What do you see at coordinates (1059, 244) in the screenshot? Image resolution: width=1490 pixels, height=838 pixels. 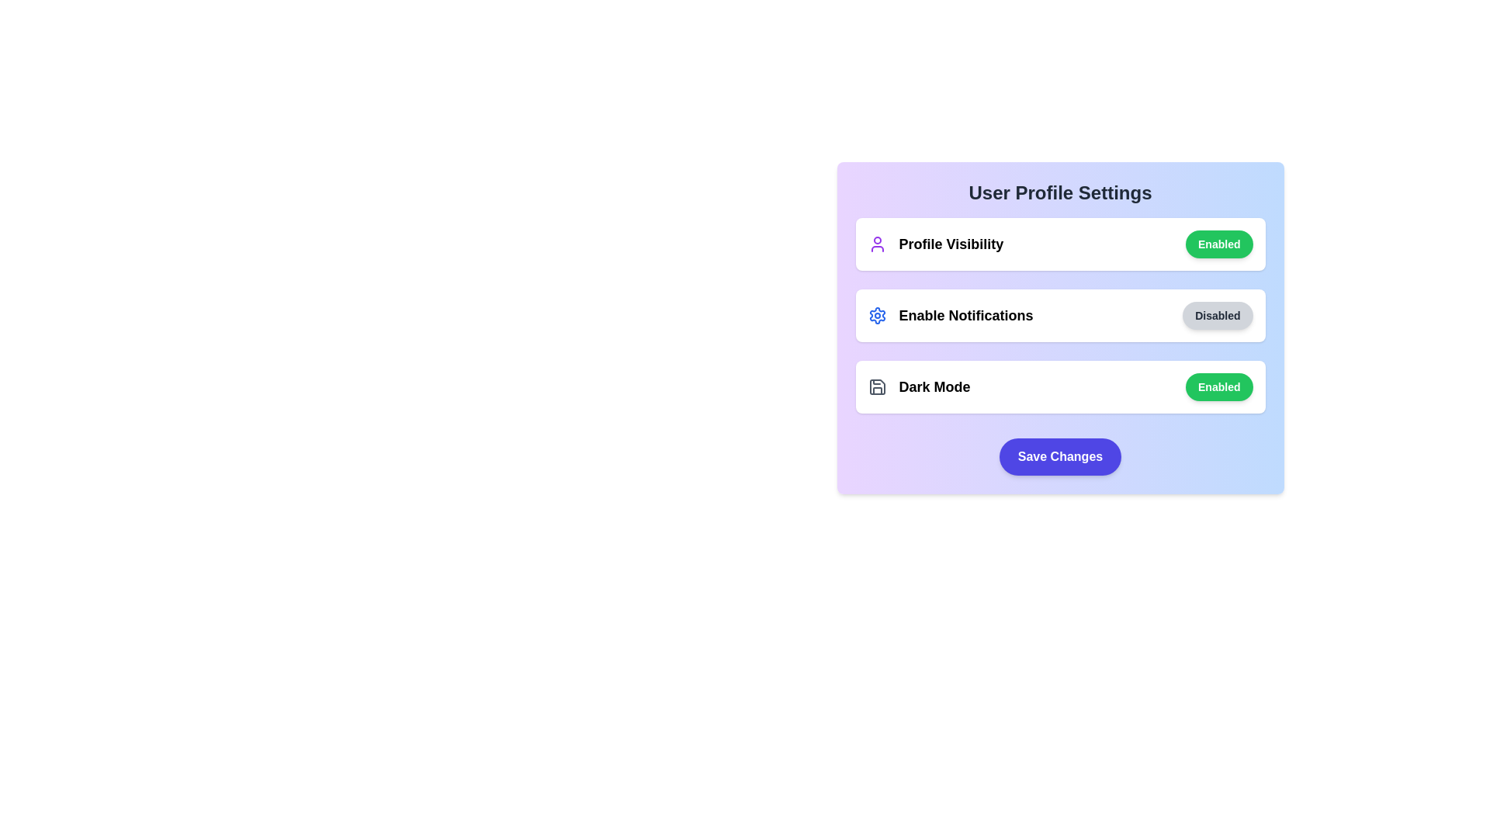 I see `the Profile Visibility section to observe visual feedback` at bounding box center [1059, 244].